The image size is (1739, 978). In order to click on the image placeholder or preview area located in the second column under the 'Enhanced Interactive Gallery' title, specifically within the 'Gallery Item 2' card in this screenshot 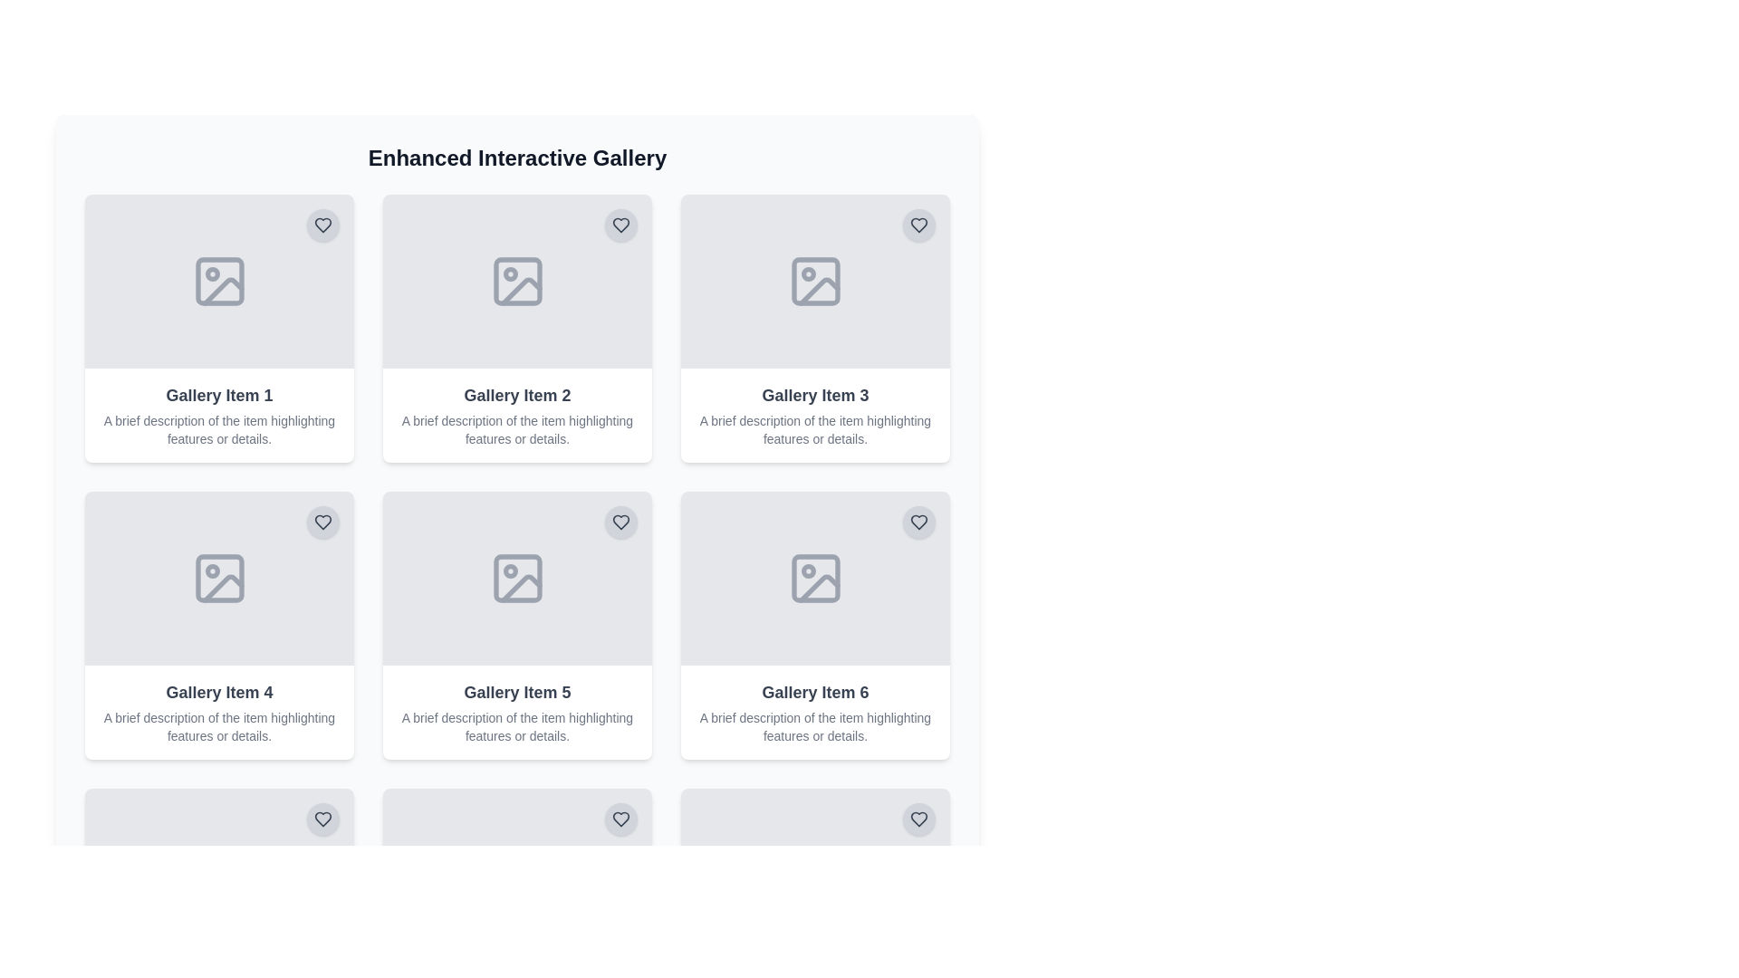, I will do `click(516, 282)`.